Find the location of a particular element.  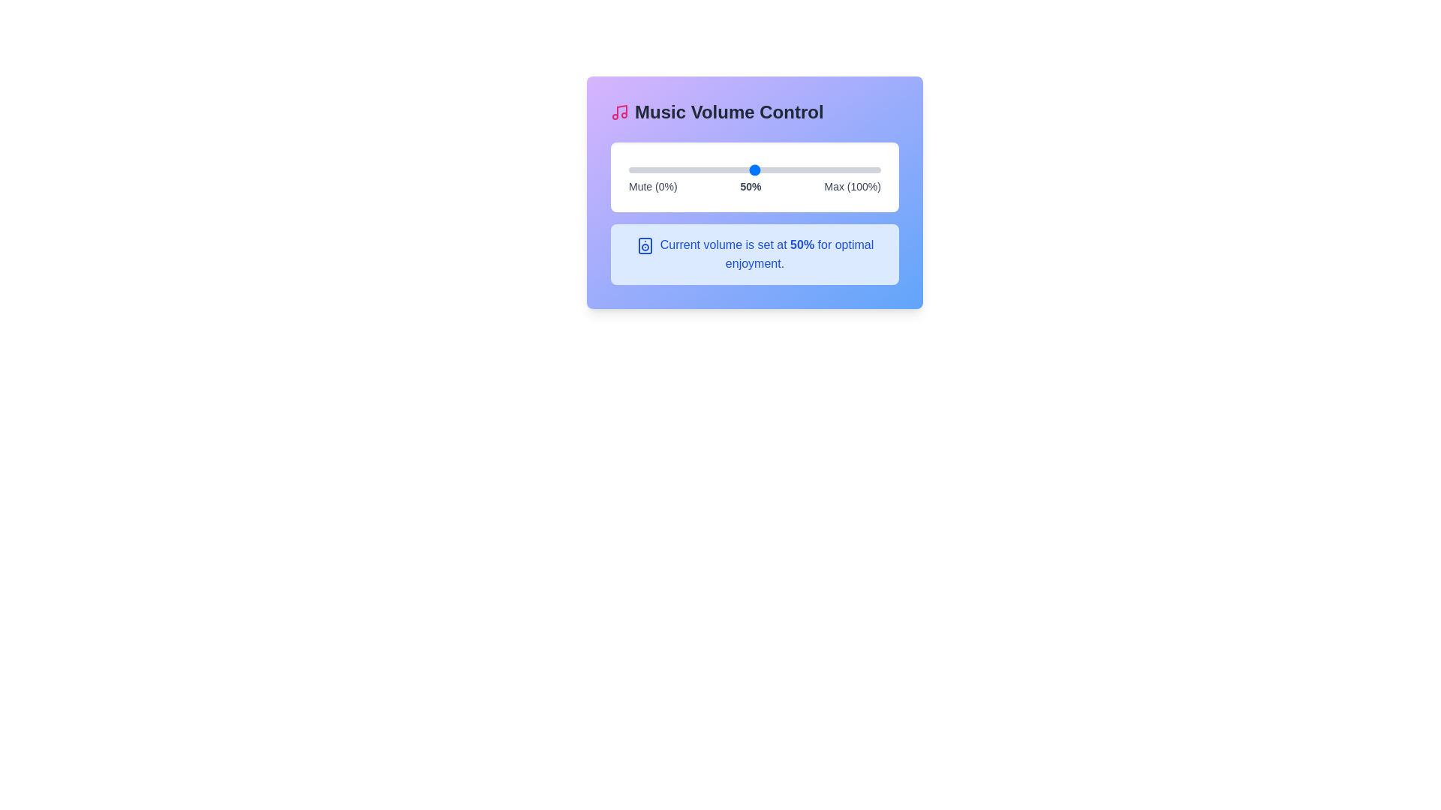

the volume slider to set the volume to 2% is located at coordinates (633, 169).